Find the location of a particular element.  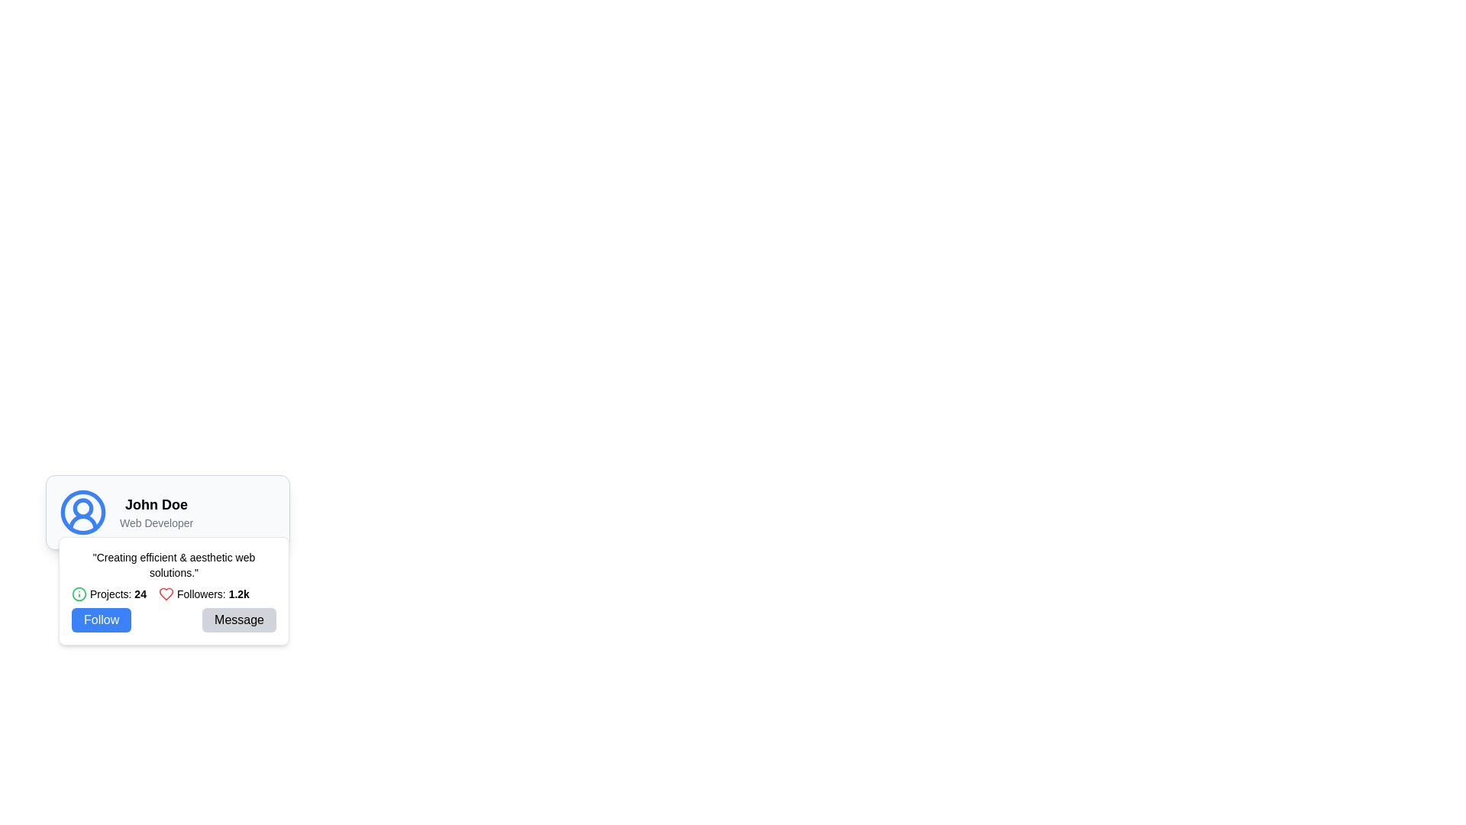

the descriptive tagline text label that introduces the user's skill set, located below the user's name and title, above the 'Projects' and 'Followers' sections is located at coordinates (173, 565).